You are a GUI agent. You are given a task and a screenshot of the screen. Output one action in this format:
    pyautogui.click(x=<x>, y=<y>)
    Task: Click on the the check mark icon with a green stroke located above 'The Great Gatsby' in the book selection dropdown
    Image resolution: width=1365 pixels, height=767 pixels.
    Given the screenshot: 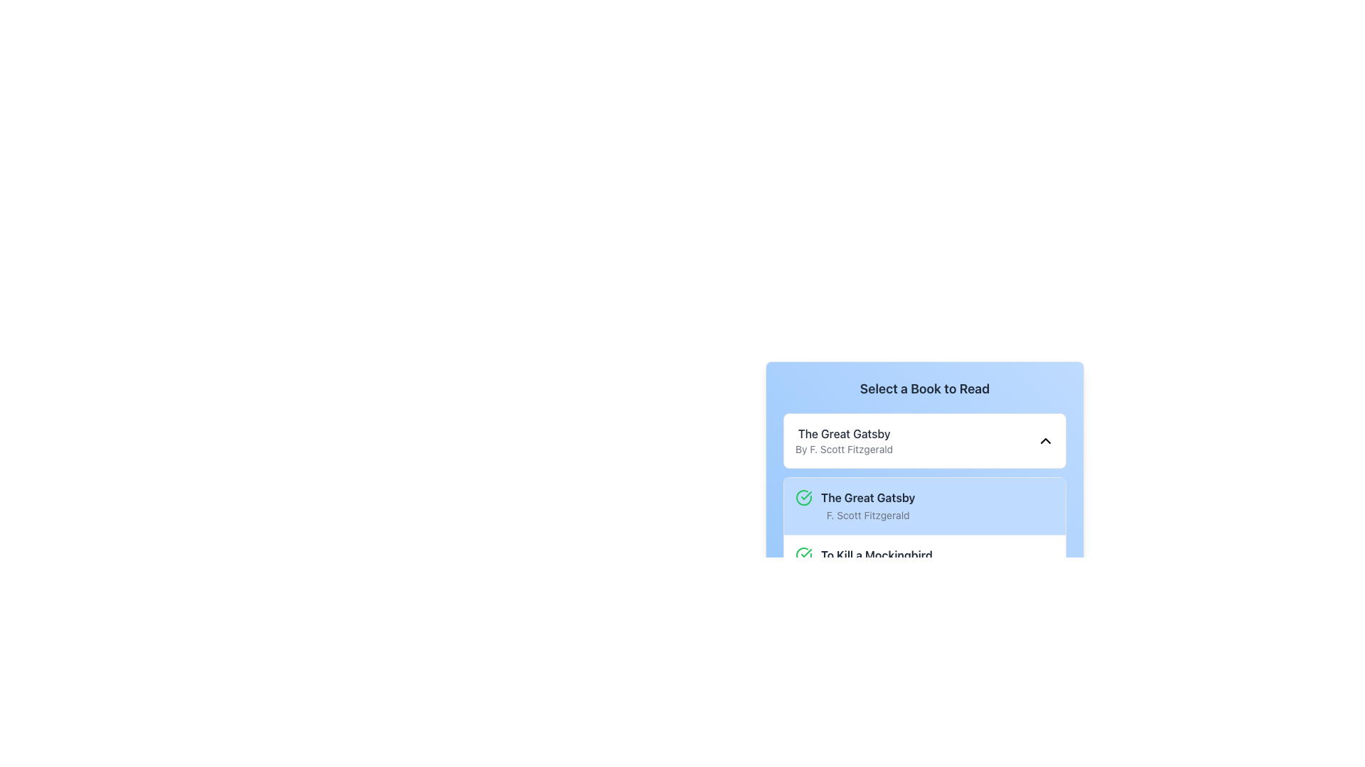 What is the action you would take?
    pyautogui.click(x=806, y=553)
    